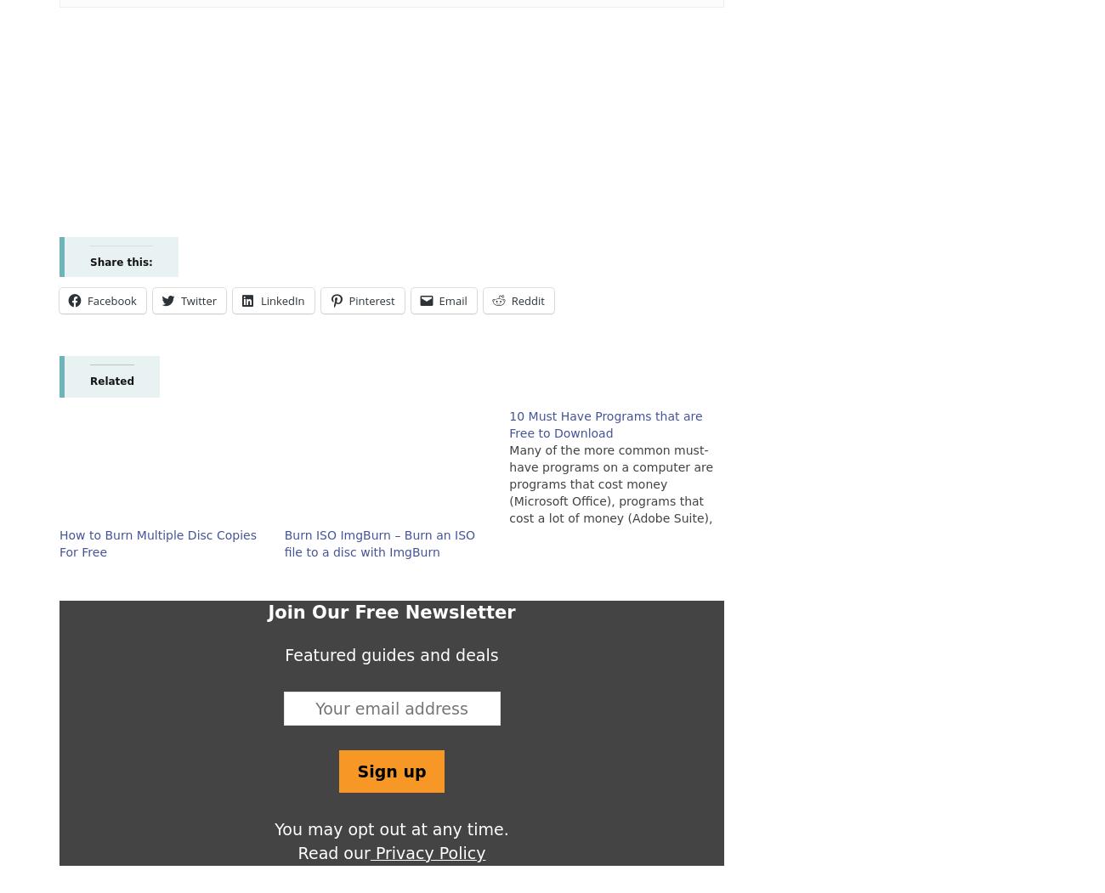 The height and width of the screenshot is (893, 1105). I want to click on 'You may opt out at any time.', so click(390, 828).